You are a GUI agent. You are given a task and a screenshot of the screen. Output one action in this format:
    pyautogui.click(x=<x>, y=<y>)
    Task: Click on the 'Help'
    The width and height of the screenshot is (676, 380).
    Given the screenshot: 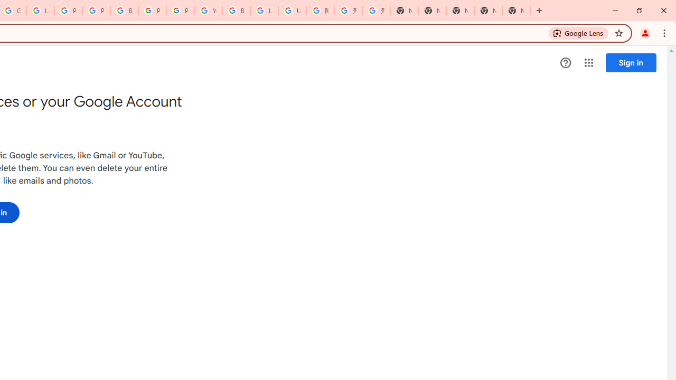 What is the action you would take?
    pyautogui.click(x=565, y=63)
    